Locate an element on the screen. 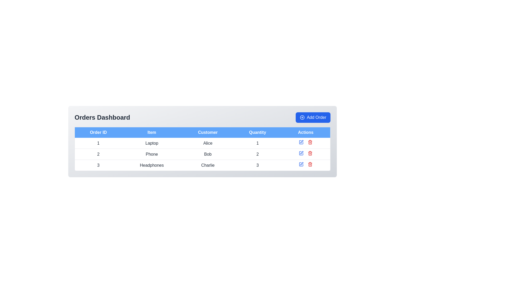 This screenshot has height=284, width=506. the delete button located in the third row and last column of the table is located at coordinates (310, 142).